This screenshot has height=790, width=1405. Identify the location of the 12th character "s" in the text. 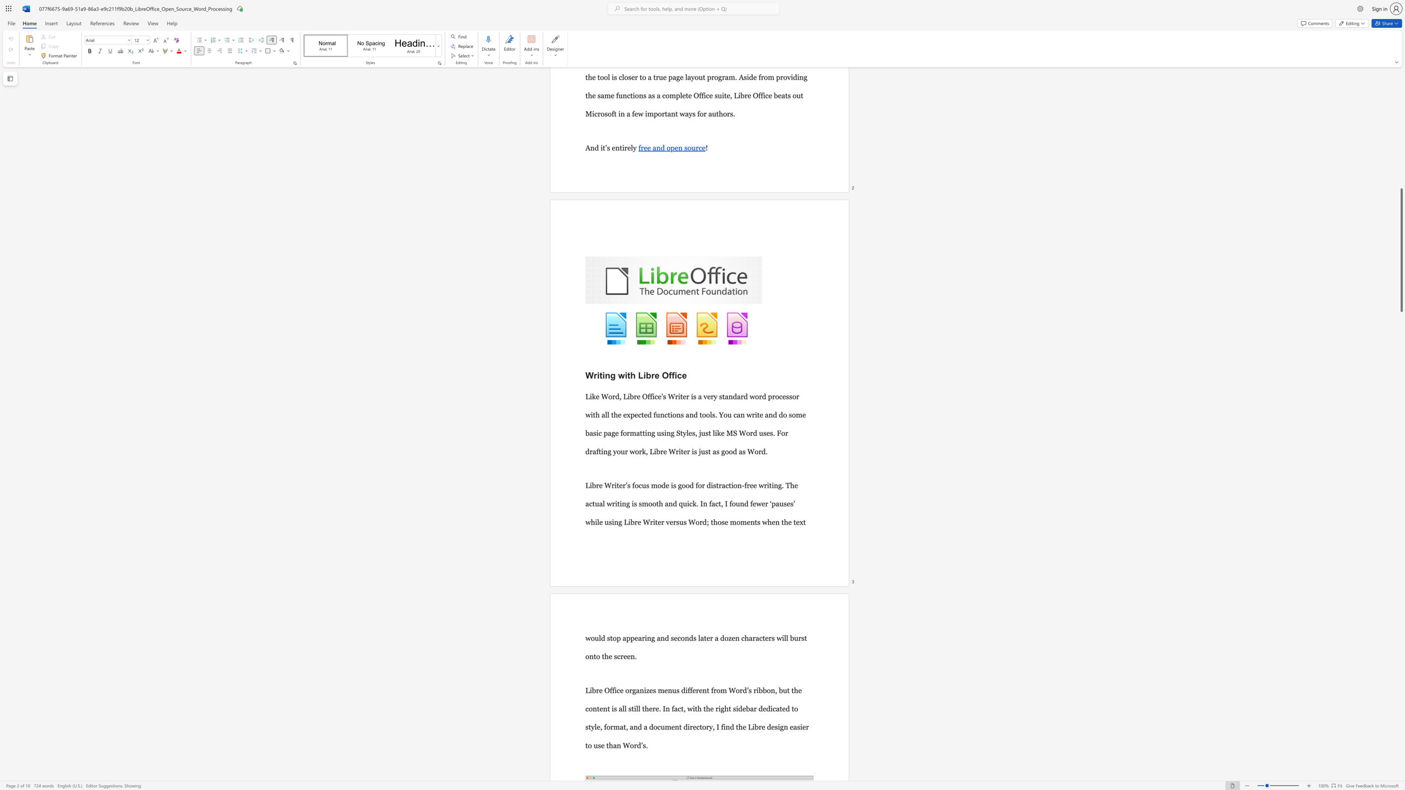
(723, 521).